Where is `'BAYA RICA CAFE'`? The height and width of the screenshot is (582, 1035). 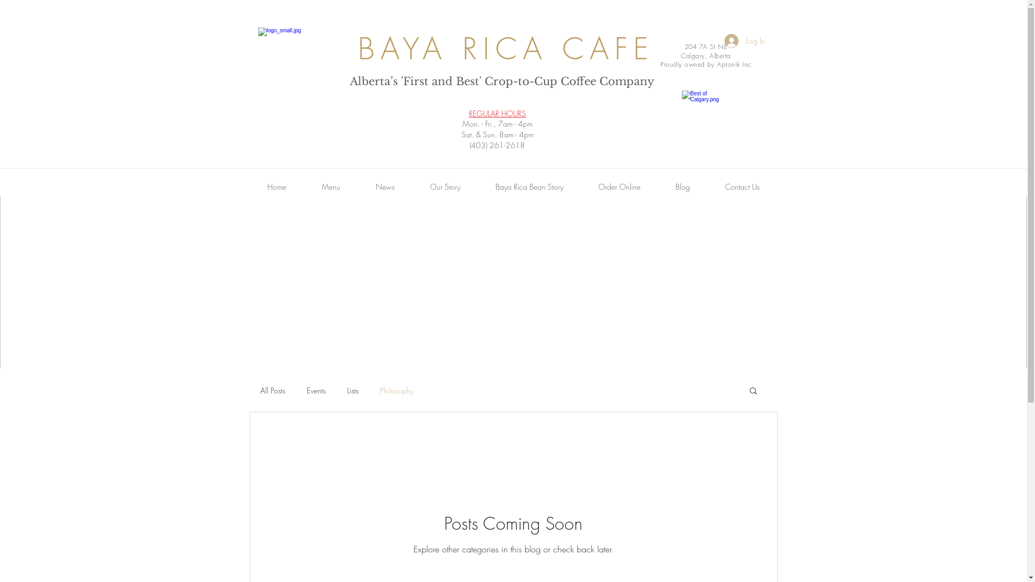 'BAYA RICA CAFE' is located at coordinates (357, 48).